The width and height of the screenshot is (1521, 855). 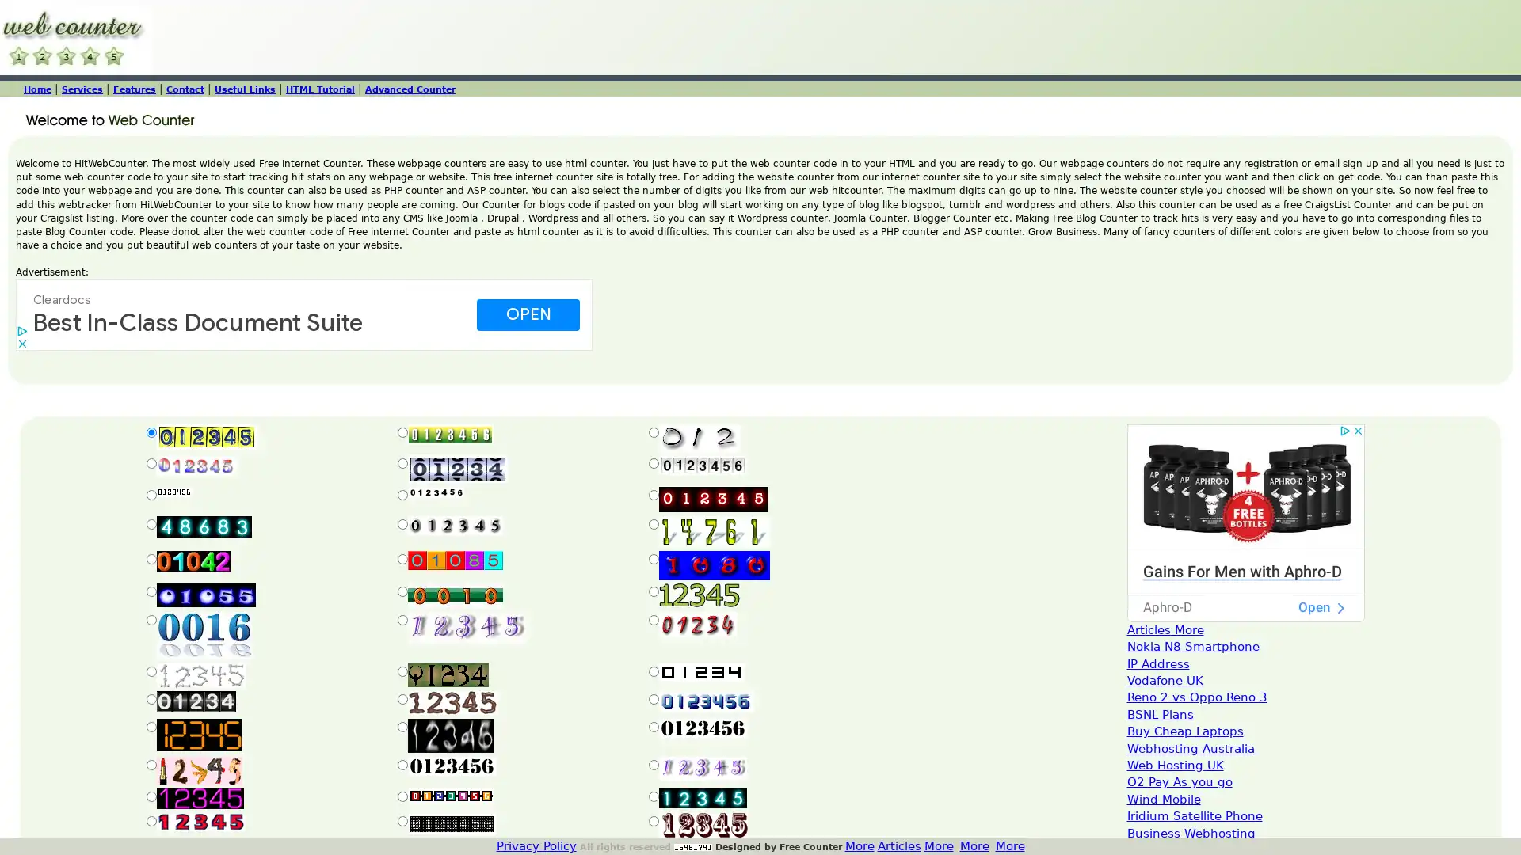 What do you see at coordinates (193, 560) in the screenshot?
I see `Submit` at bounding box center [193, 560].